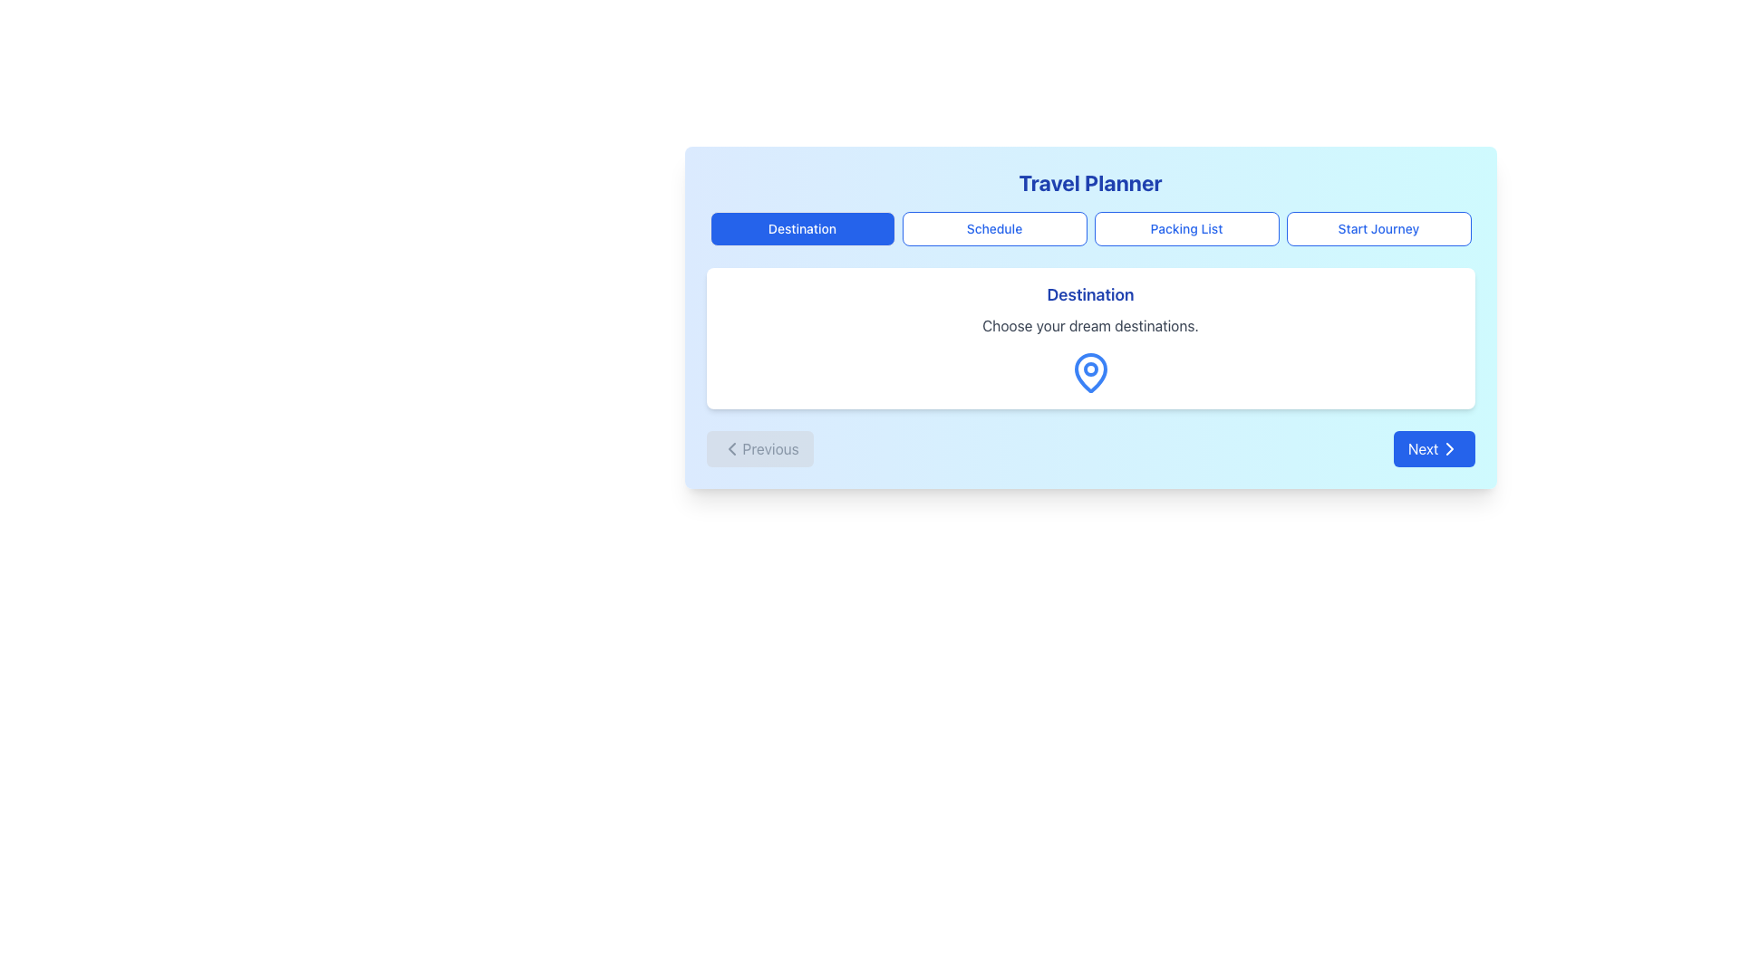 The width and height of the screenshot is (1740, 978). What do you see at coordinates (731, 448) in the screenshot?
I see `the left-facing chevron icon located inside the 'Previous' button at the bottom left of the 'Travel Planner' interface` at bounding box center [731, 448].